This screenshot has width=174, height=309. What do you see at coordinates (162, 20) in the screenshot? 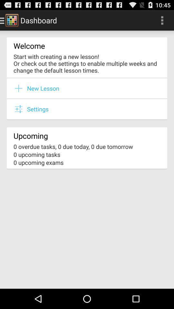
I see `the item to the right of dashboard item` at bounding box center [162, 20].